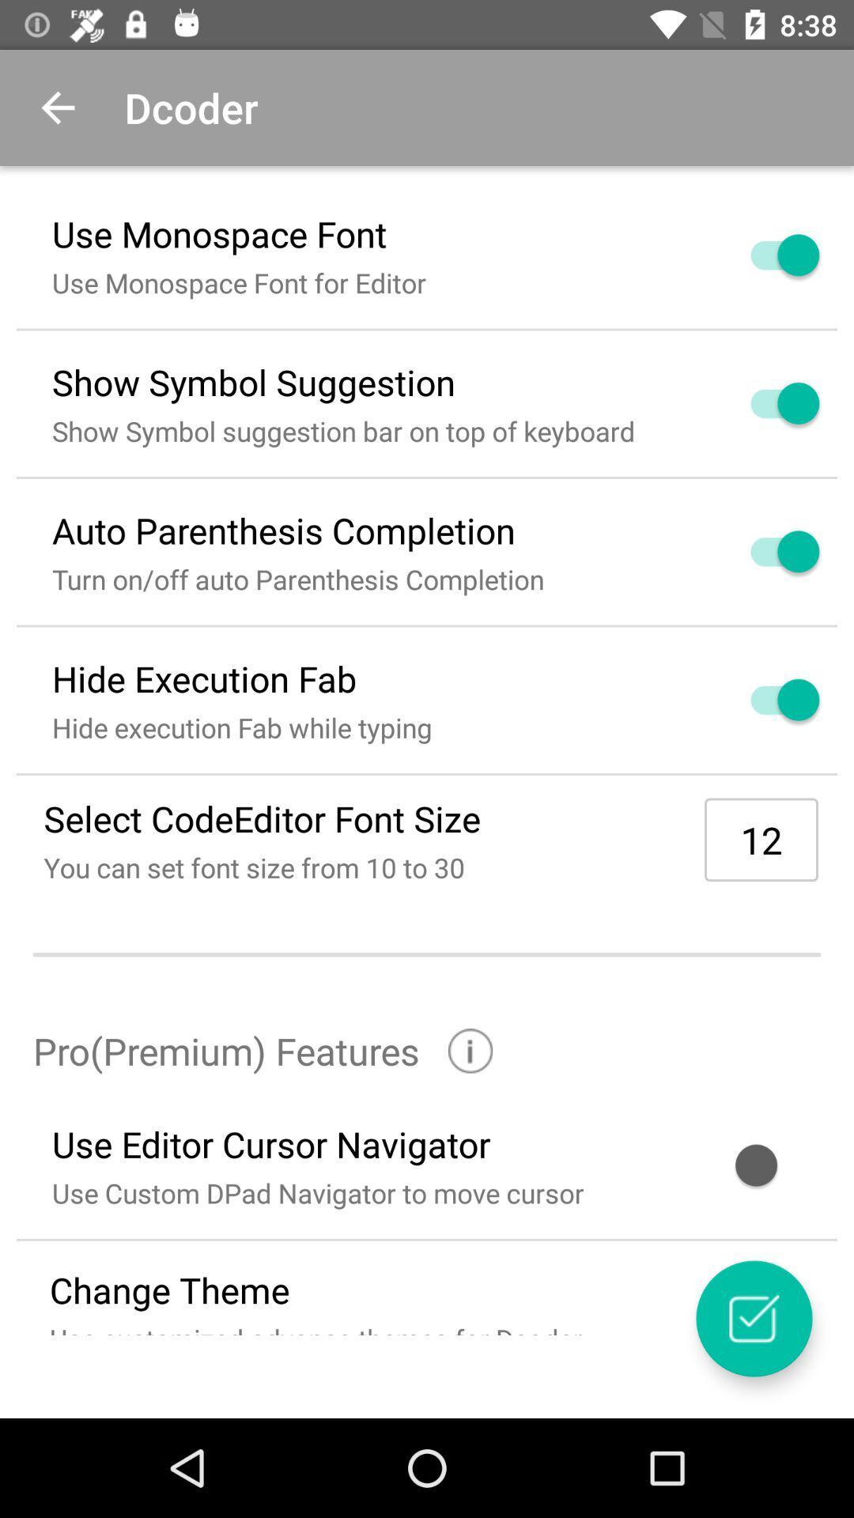 The height and width of the screenshot is (1518, 854). What do you see at coordinates (765, 255) in the screenshot?
I see `to on option` at bounding box center [765, 255].